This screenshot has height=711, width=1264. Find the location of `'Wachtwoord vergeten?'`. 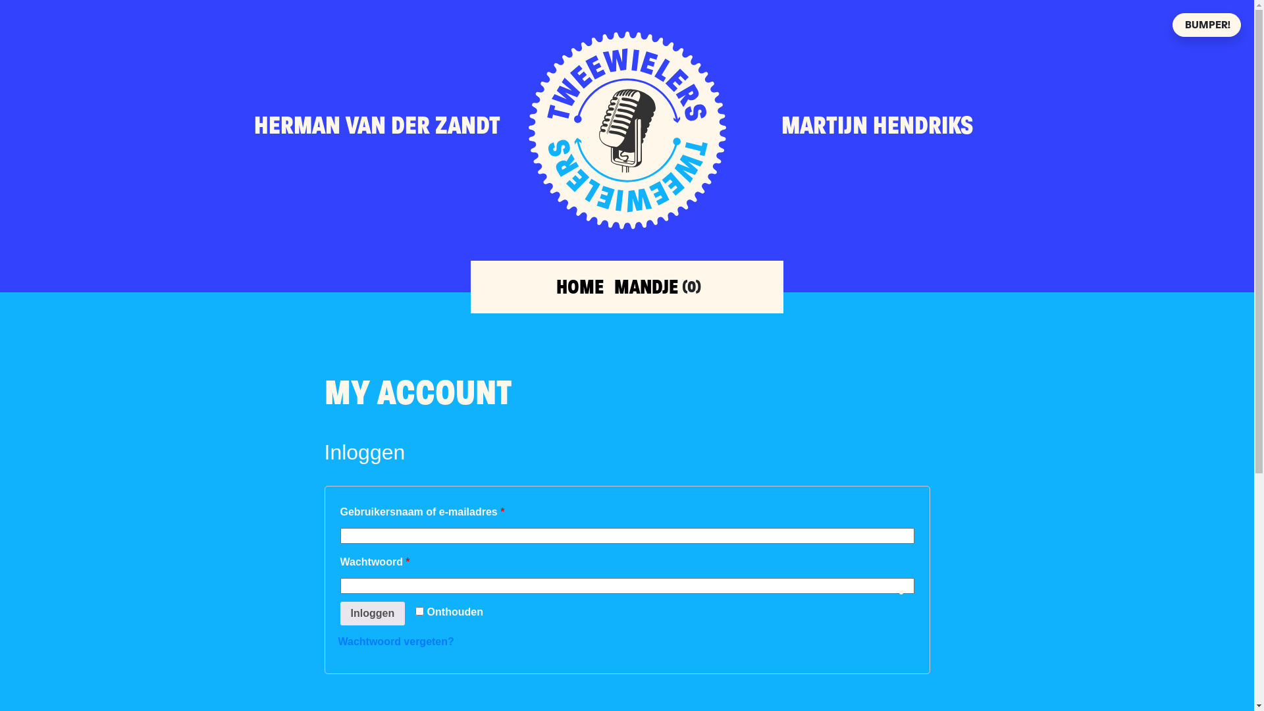

'Wachtwoord vergeten?' is located at coordinates (395, 641).